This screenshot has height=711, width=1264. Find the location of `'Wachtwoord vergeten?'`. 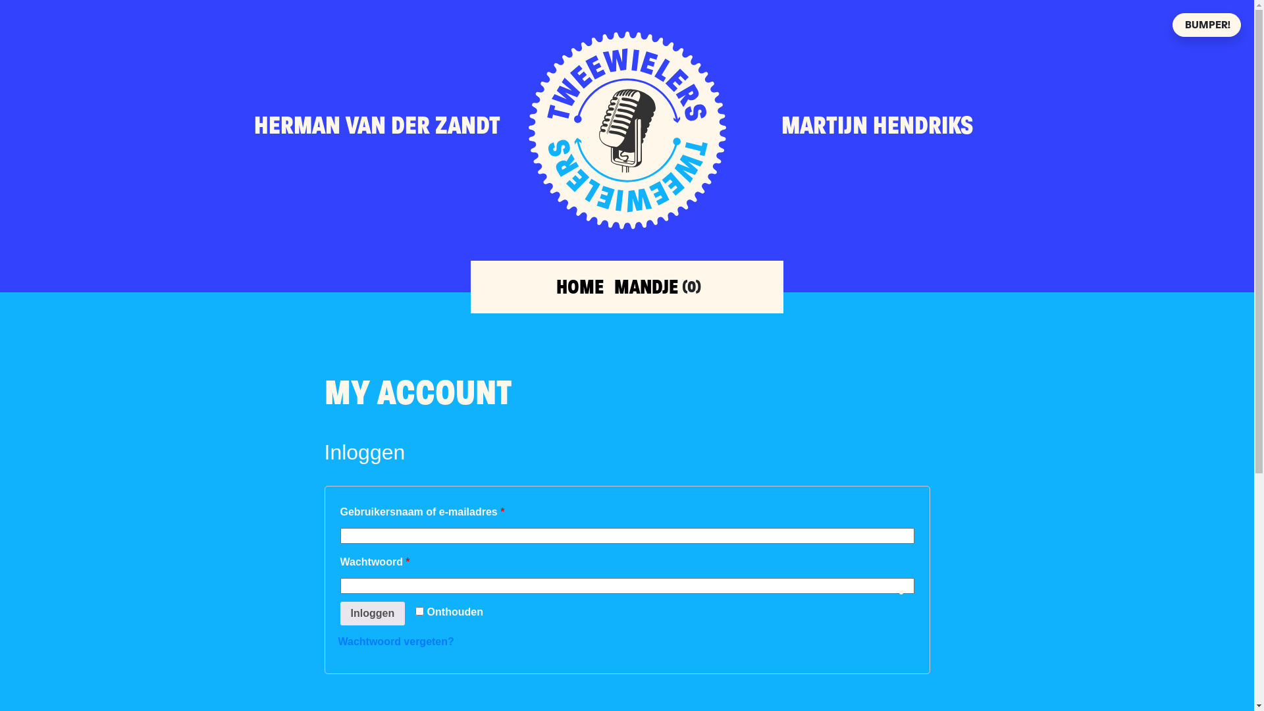

'Wachtwoord vergeten?' is located at coordinates (395, 641).